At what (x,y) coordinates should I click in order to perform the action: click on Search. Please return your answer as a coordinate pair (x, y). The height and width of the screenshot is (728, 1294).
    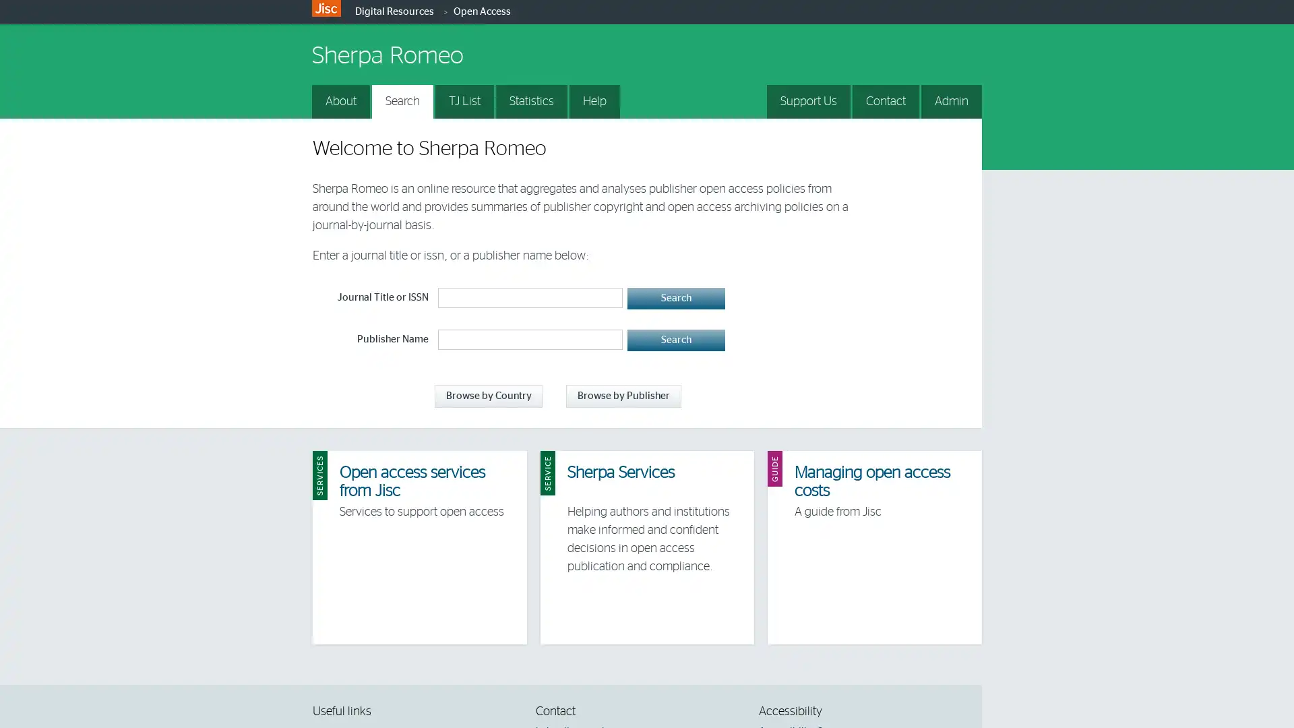
    Looking at the image, I should click on (675, 340).